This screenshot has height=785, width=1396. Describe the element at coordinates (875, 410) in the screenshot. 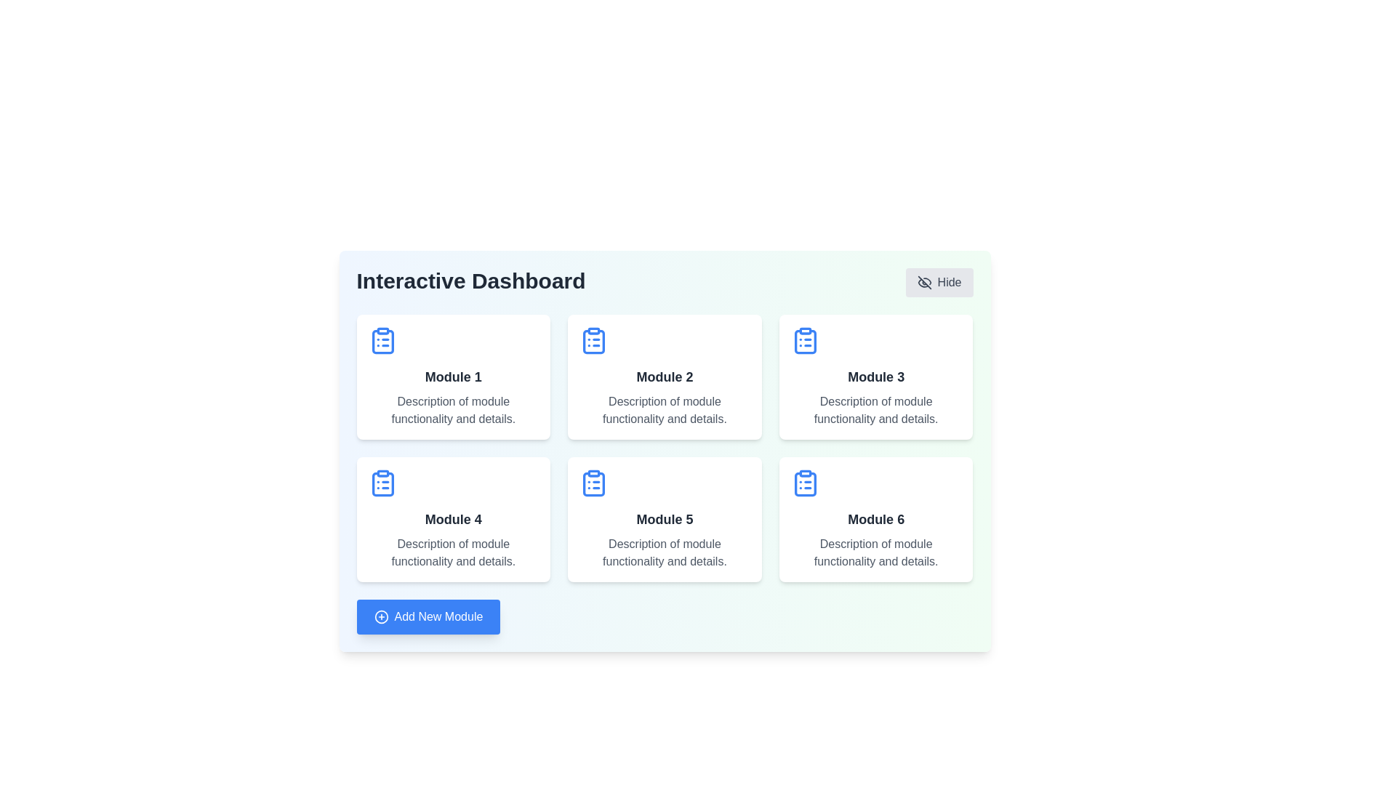

I see `text label providing a description of the module's functionality located in the top-right corner of the 'Module 3' card` at that location.